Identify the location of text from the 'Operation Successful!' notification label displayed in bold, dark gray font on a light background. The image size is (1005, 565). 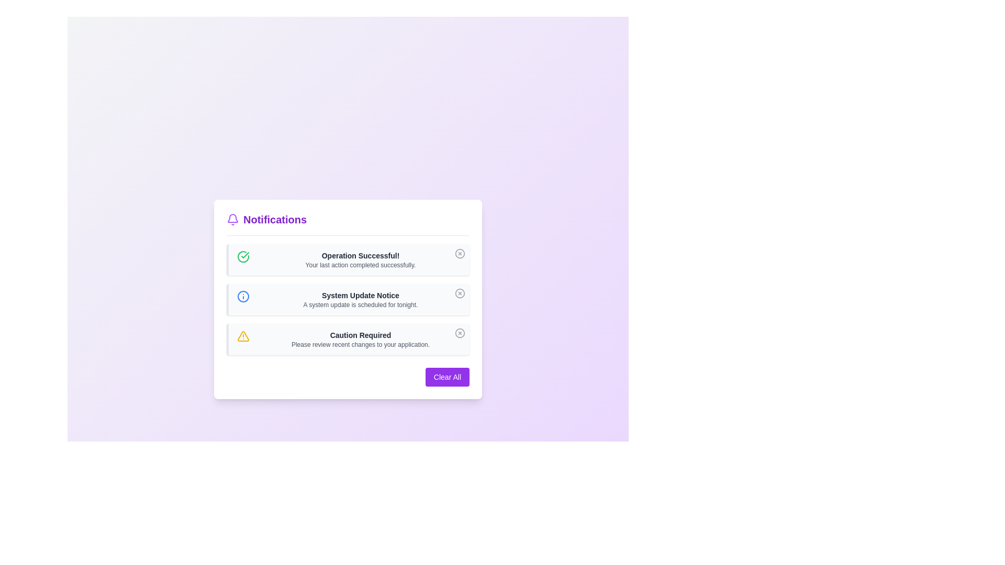
(361, 255).